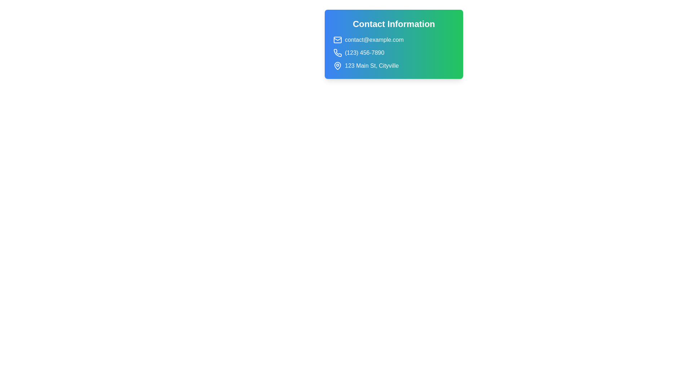 The width and height of the screenshot is (692, 389). What do you see at coordinates (394, 40) in the screenshot?
I see `the email address 'contact@example.com' which is accompanied by a mail icon to initiate email composition` at bounding box center [394, 40].